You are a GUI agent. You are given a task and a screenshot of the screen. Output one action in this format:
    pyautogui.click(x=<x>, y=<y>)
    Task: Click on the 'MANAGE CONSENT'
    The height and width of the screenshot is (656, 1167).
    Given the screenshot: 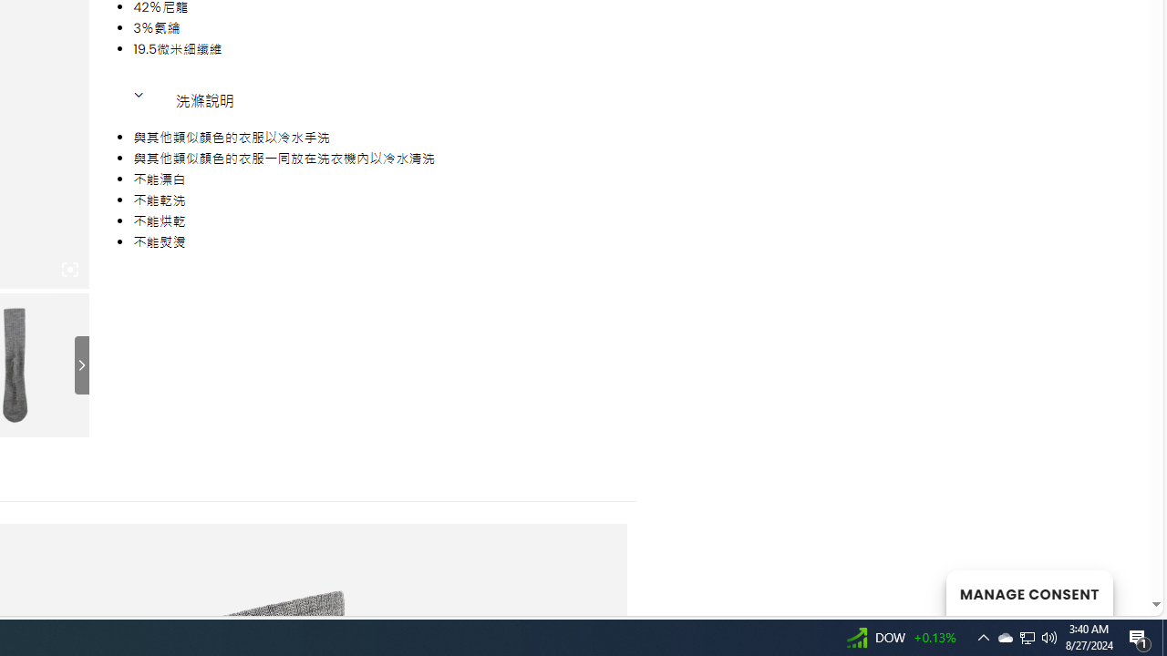 What is the action you would take?
    pyautogui.click(x=1028, y=592)
    